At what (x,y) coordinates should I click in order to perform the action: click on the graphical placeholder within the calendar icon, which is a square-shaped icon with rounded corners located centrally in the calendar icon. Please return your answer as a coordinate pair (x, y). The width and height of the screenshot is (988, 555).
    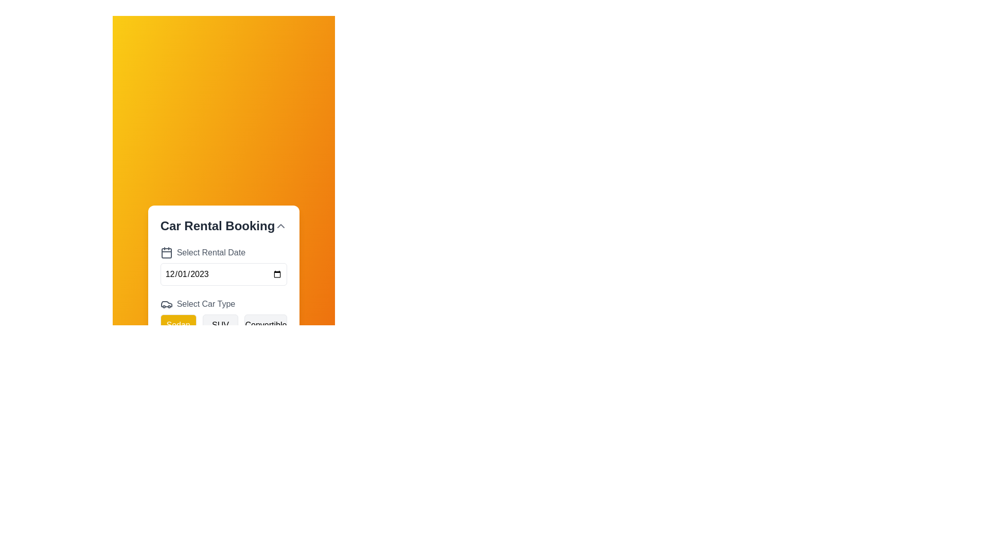
    Looking at the image, I should click on (166, 253).